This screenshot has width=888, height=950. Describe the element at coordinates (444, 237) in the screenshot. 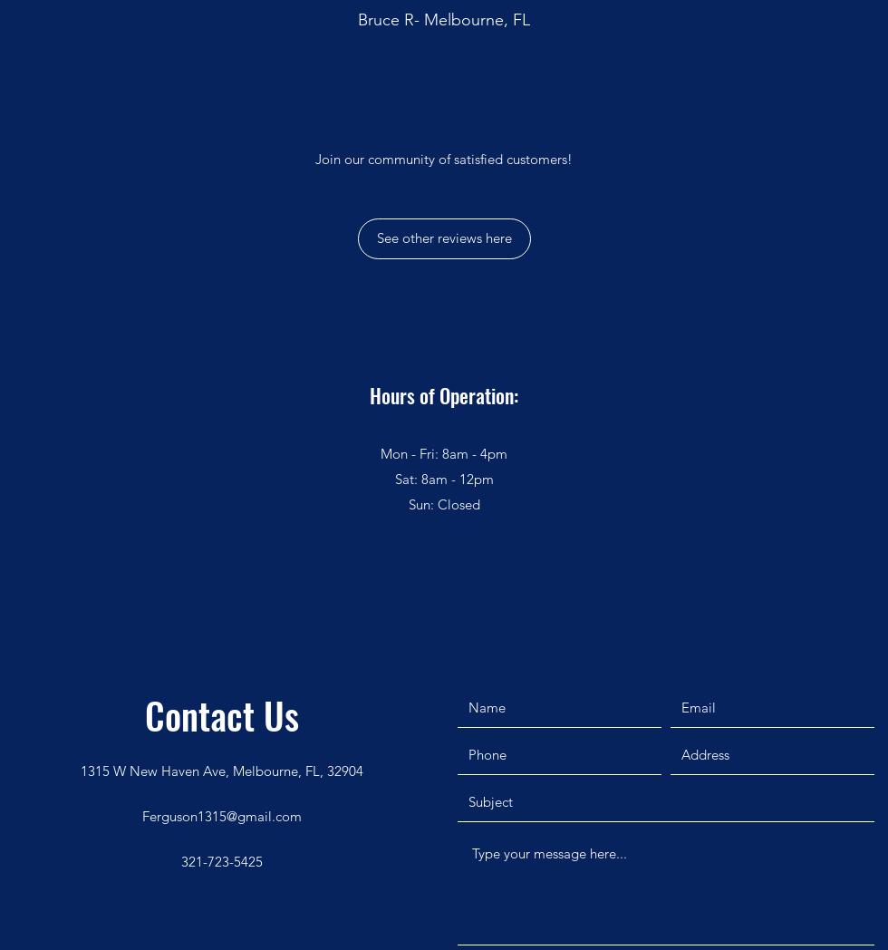

I see `'See other reviews here'` at that location.